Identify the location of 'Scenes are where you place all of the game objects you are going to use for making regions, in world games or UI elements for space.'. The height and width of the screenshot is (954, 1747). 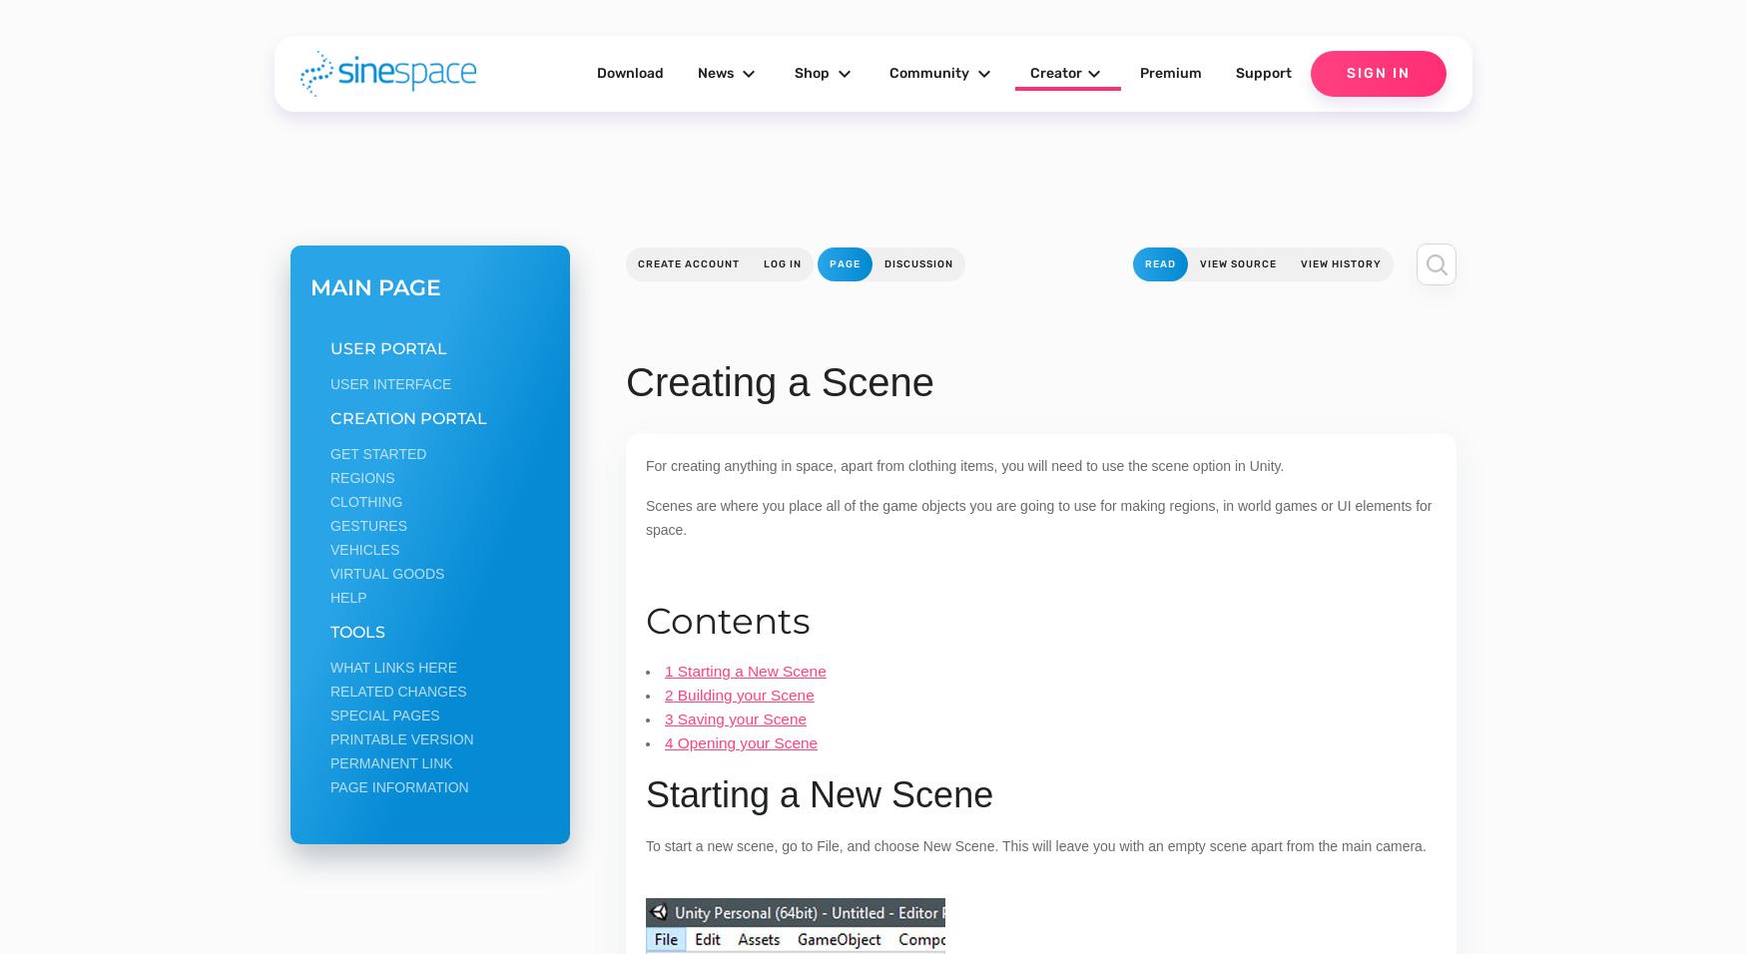
(1037, 517).